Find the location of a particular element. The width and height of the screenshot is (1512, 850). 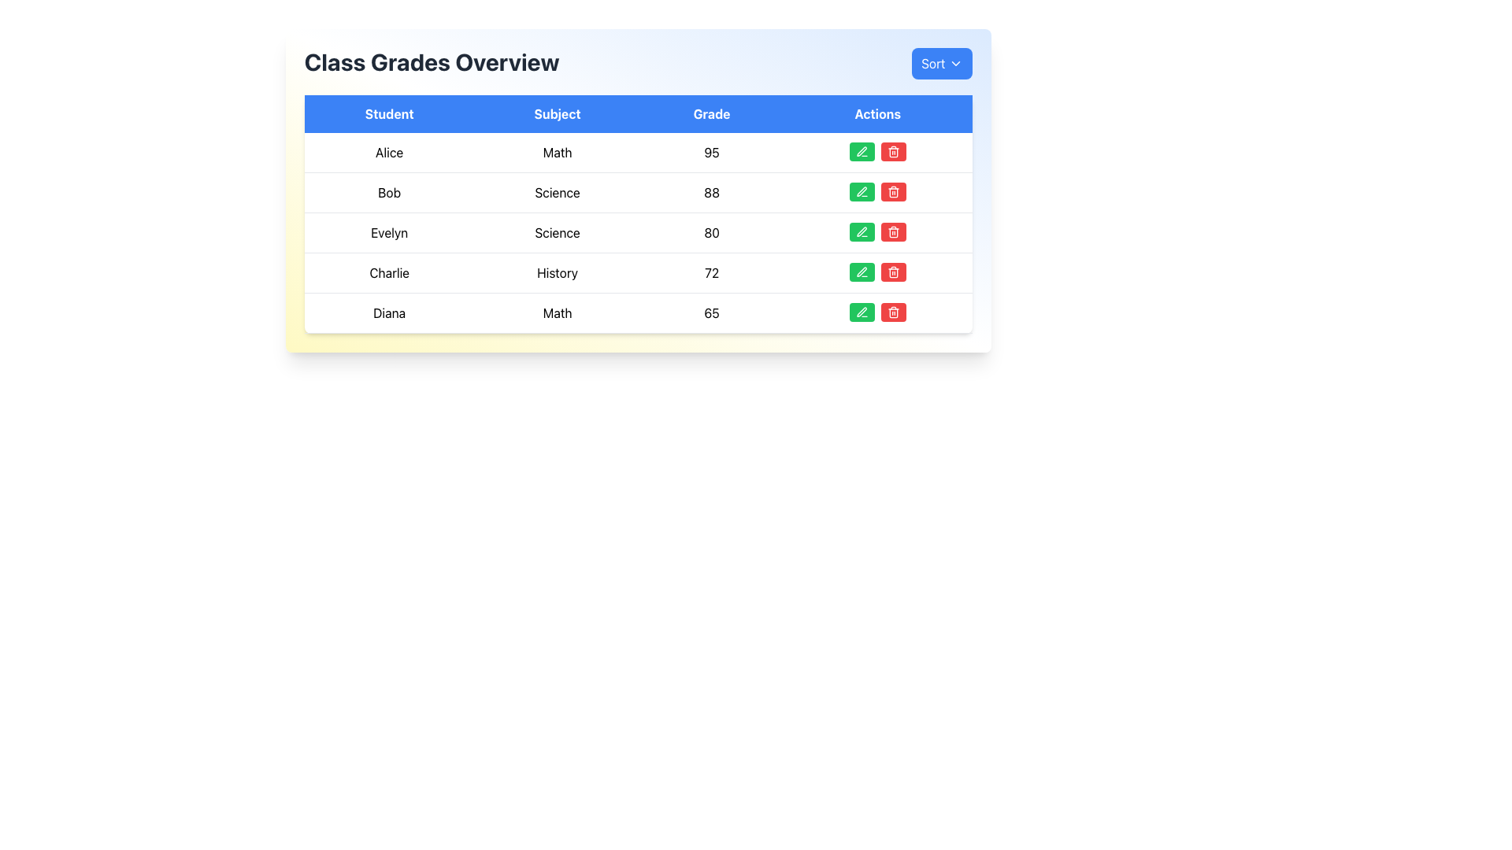

the red rectangular delete button with a trash can icon located in the 'Actions' column of the fourth row of the table is located at coordinates (893, 231).